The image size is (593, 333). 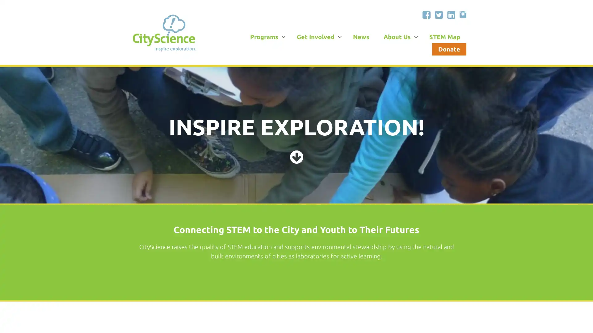 I want to click on Learn With Us, so click(x=262, y=273).